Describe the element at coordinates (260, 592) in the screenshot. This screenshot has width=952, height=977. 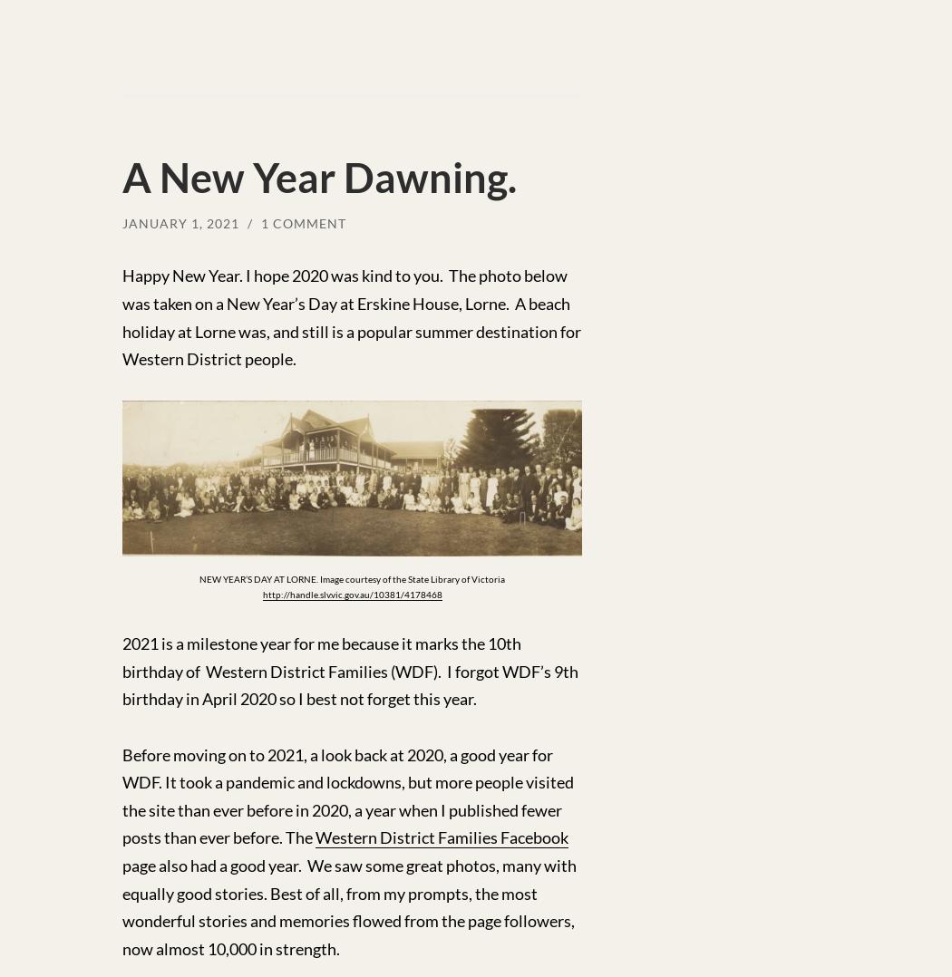
I see `'http://handle.slv.vic.gov.au/10381/4178468'` at that location.